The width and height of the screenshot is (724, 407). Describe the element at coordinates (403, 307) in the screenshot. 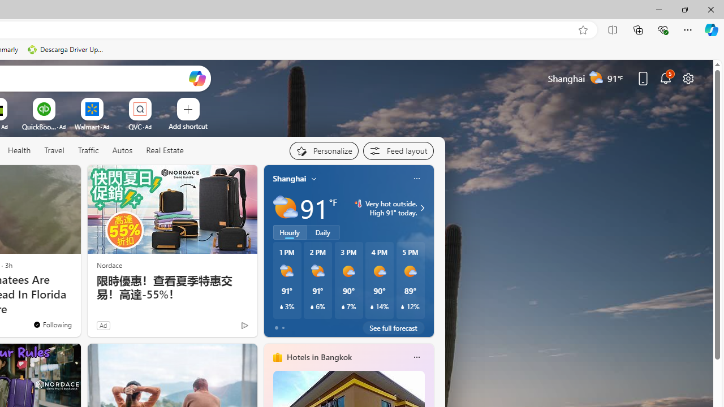

I see `'Class: weather-current-precipitation-glyph'` at that location.